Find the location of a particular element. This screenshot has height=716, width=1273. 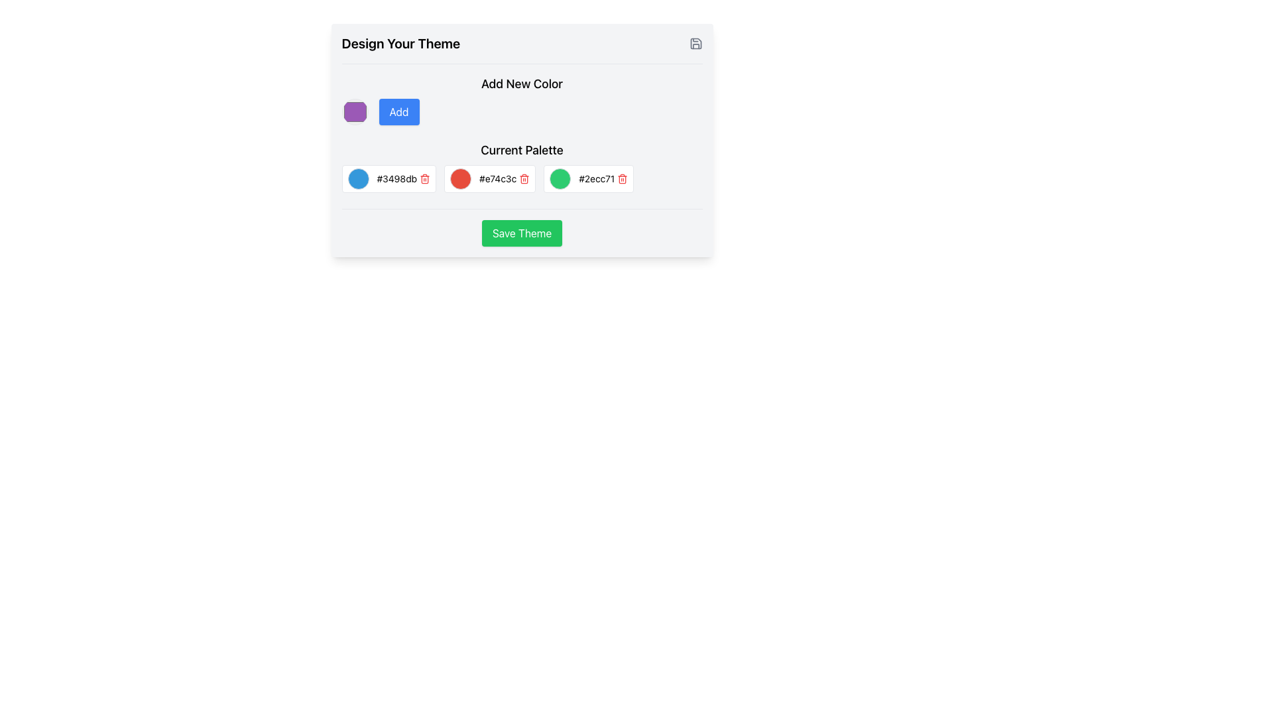

the small text label displaying the color code '#e74c3c' in the 'Current Palette' section is located at coordinates (497, 179).